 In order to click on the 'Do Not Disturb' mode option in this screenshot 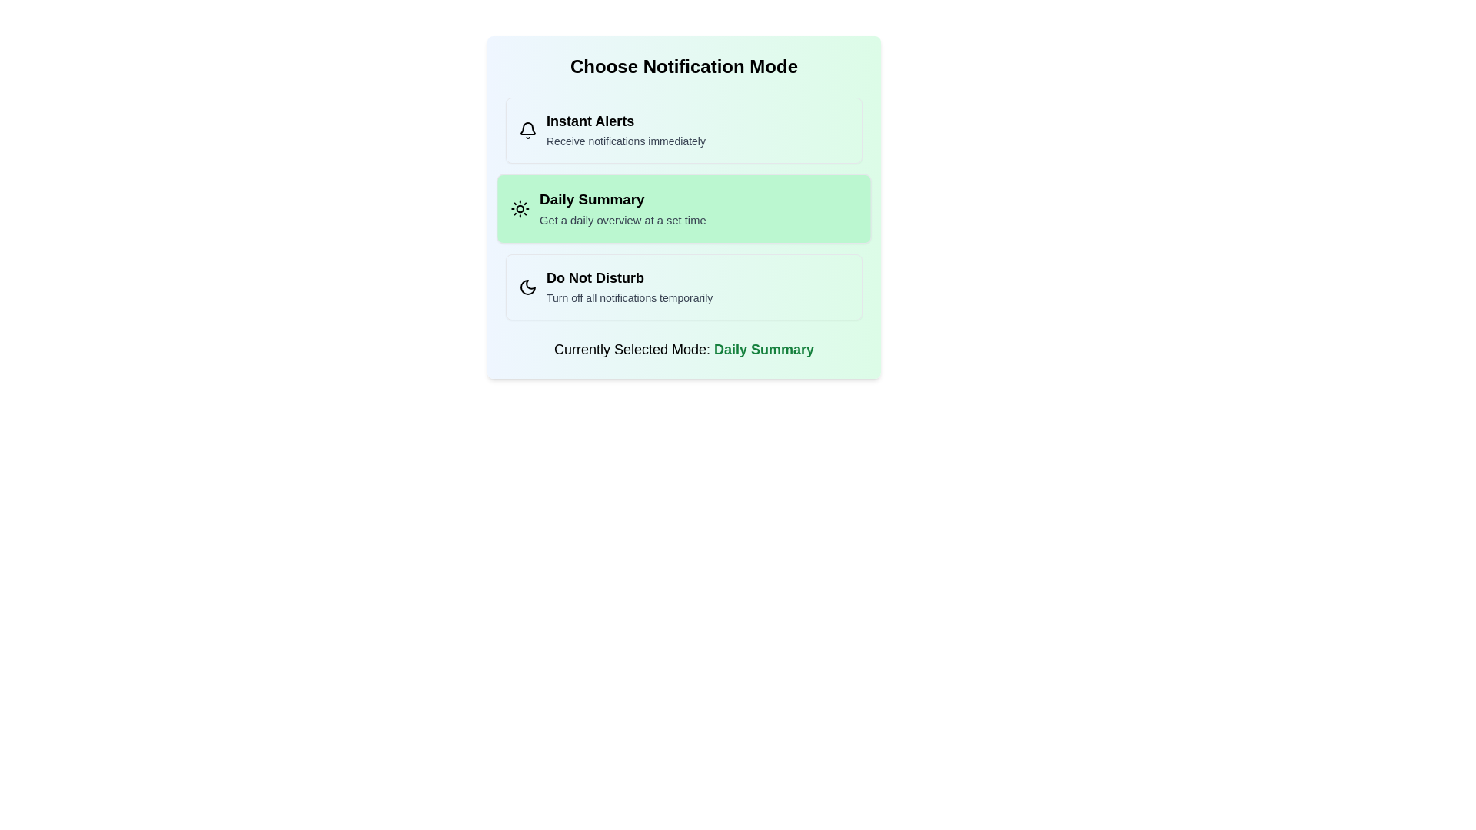, I will do `click(630, 287)`.